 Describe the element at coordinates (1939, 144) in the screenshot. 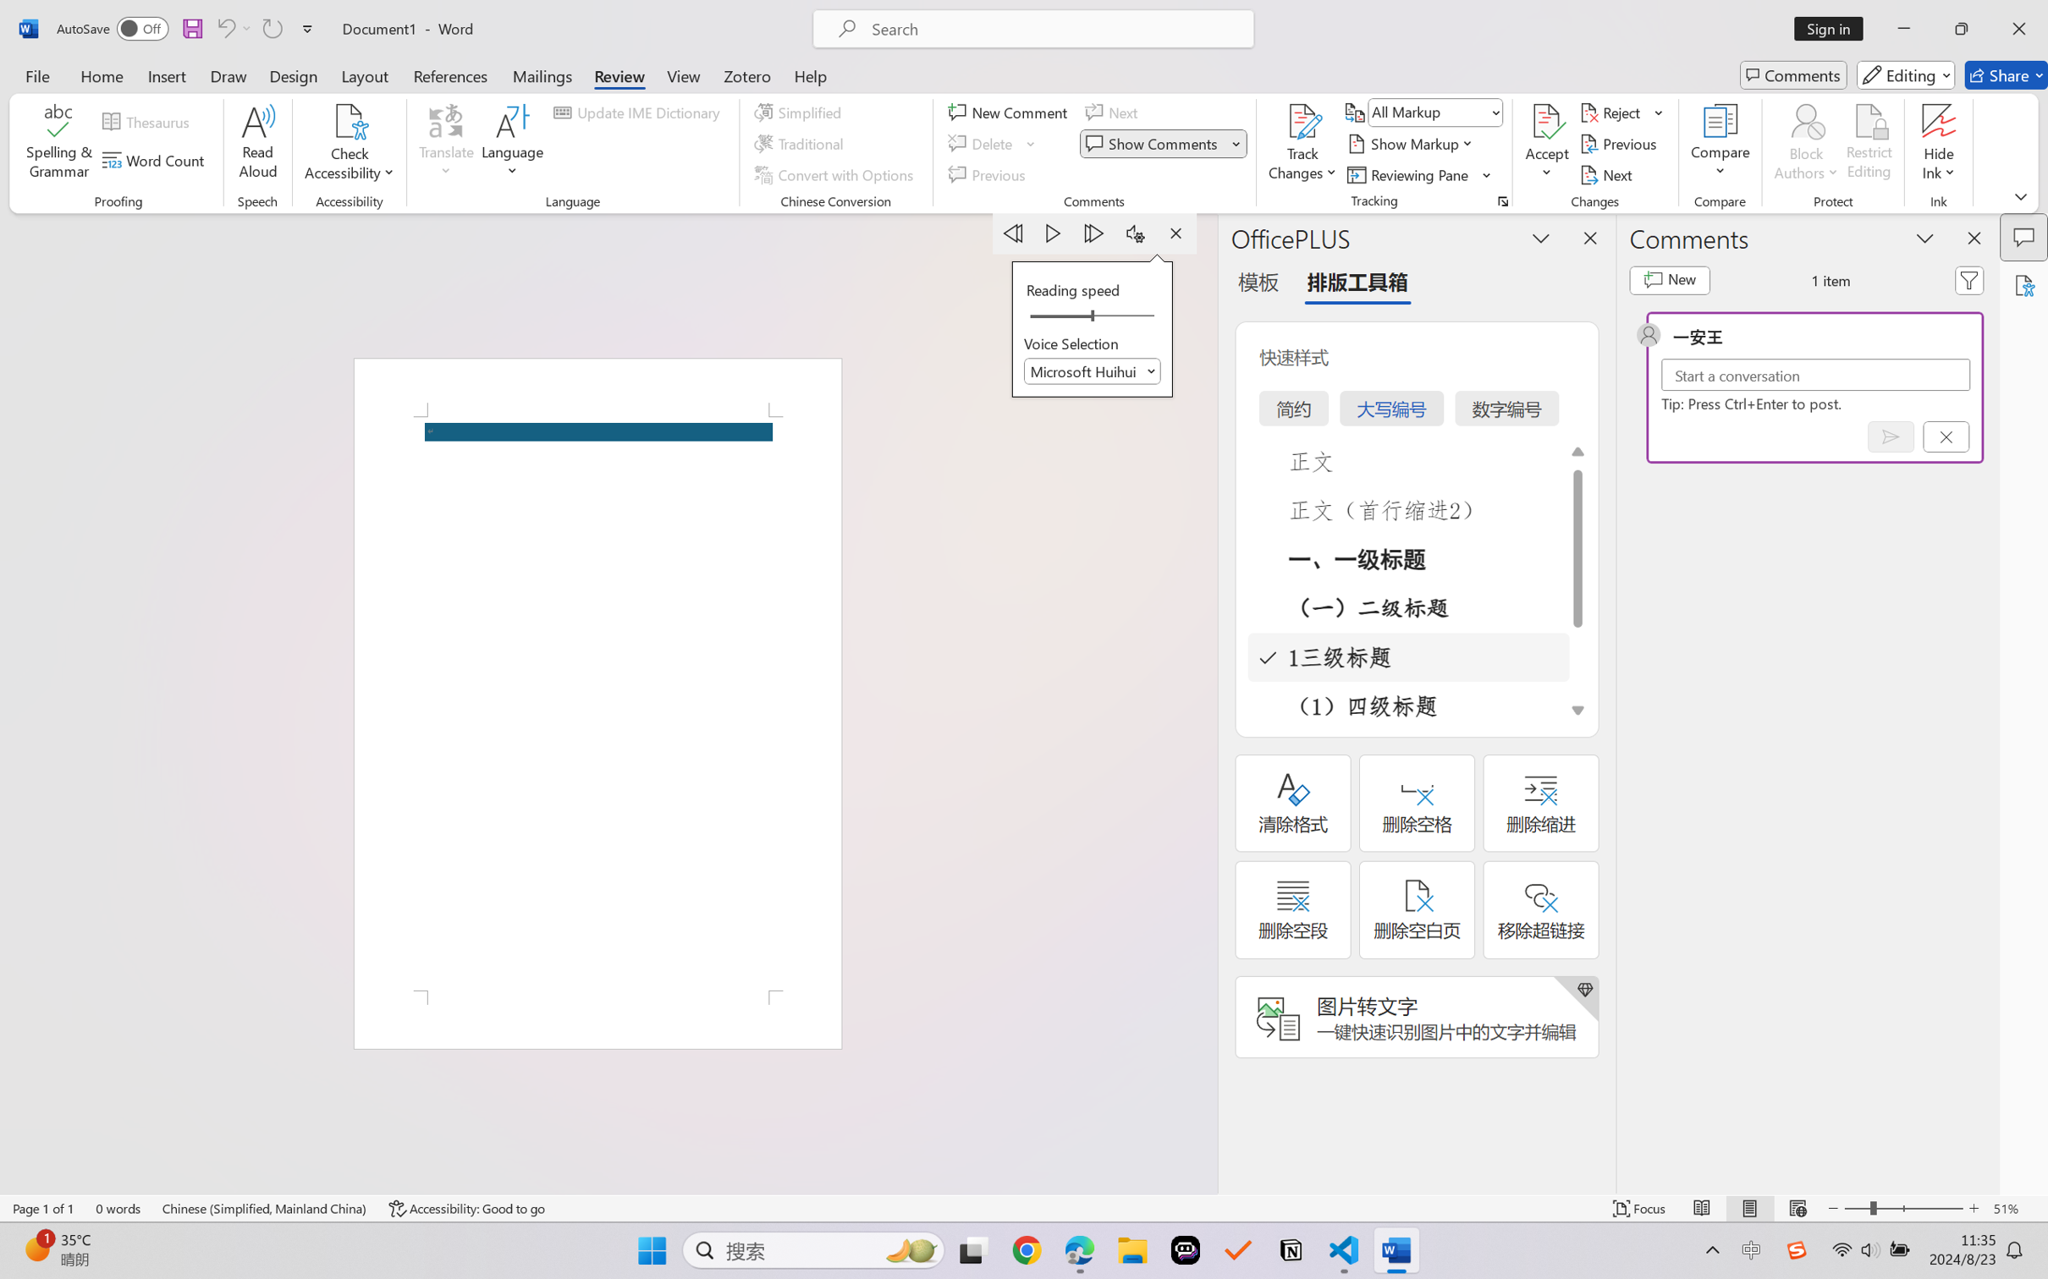

I see `'Hide Ink'` at that location.